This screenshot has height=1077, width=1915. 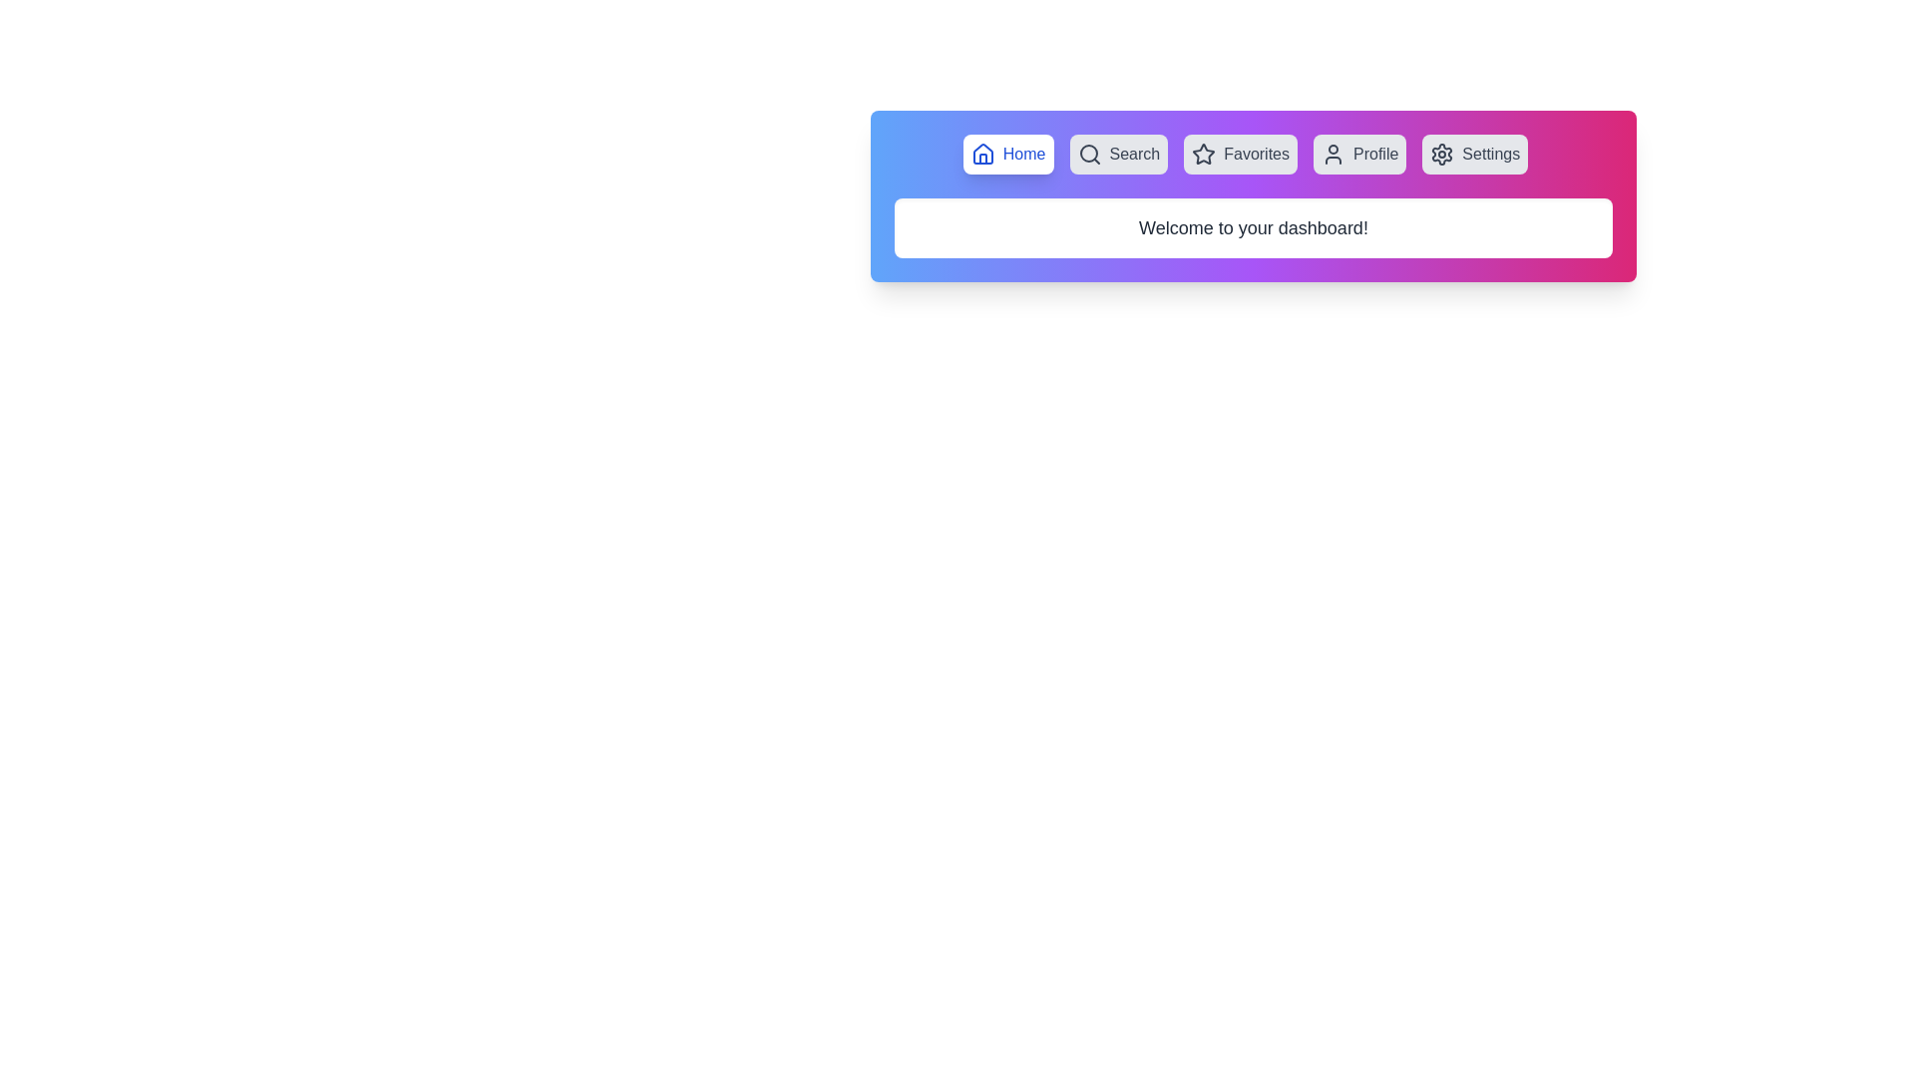 What do you see at coordinates (1253, 195) in the screenshot?
I see `the navigation buttons located in the upper region of the Header Section, which provides options for navigating the dashboard interface` at bounding box center [1253, 195].